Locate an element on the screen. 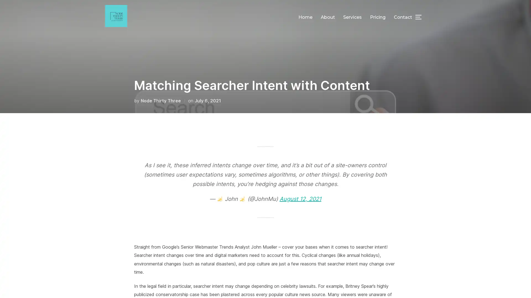 The width and height of the screenshot is (531, 298). TOGGLE SIDEBAR & NAVIGATION is located at coordinates (420, 17).